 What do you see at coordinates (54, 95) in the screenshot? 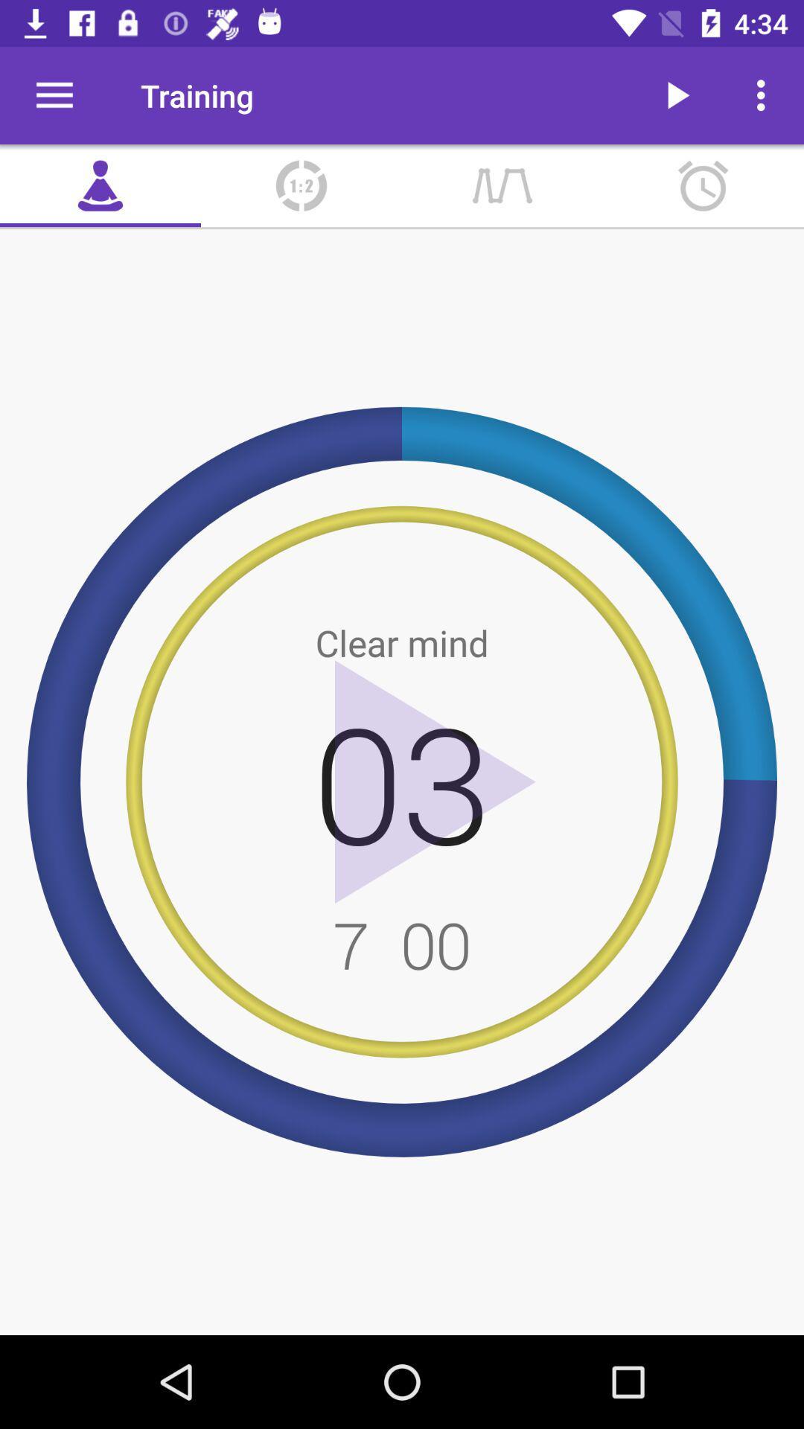
I see `the icon next to the training icon` at bounding box center [54, 95].